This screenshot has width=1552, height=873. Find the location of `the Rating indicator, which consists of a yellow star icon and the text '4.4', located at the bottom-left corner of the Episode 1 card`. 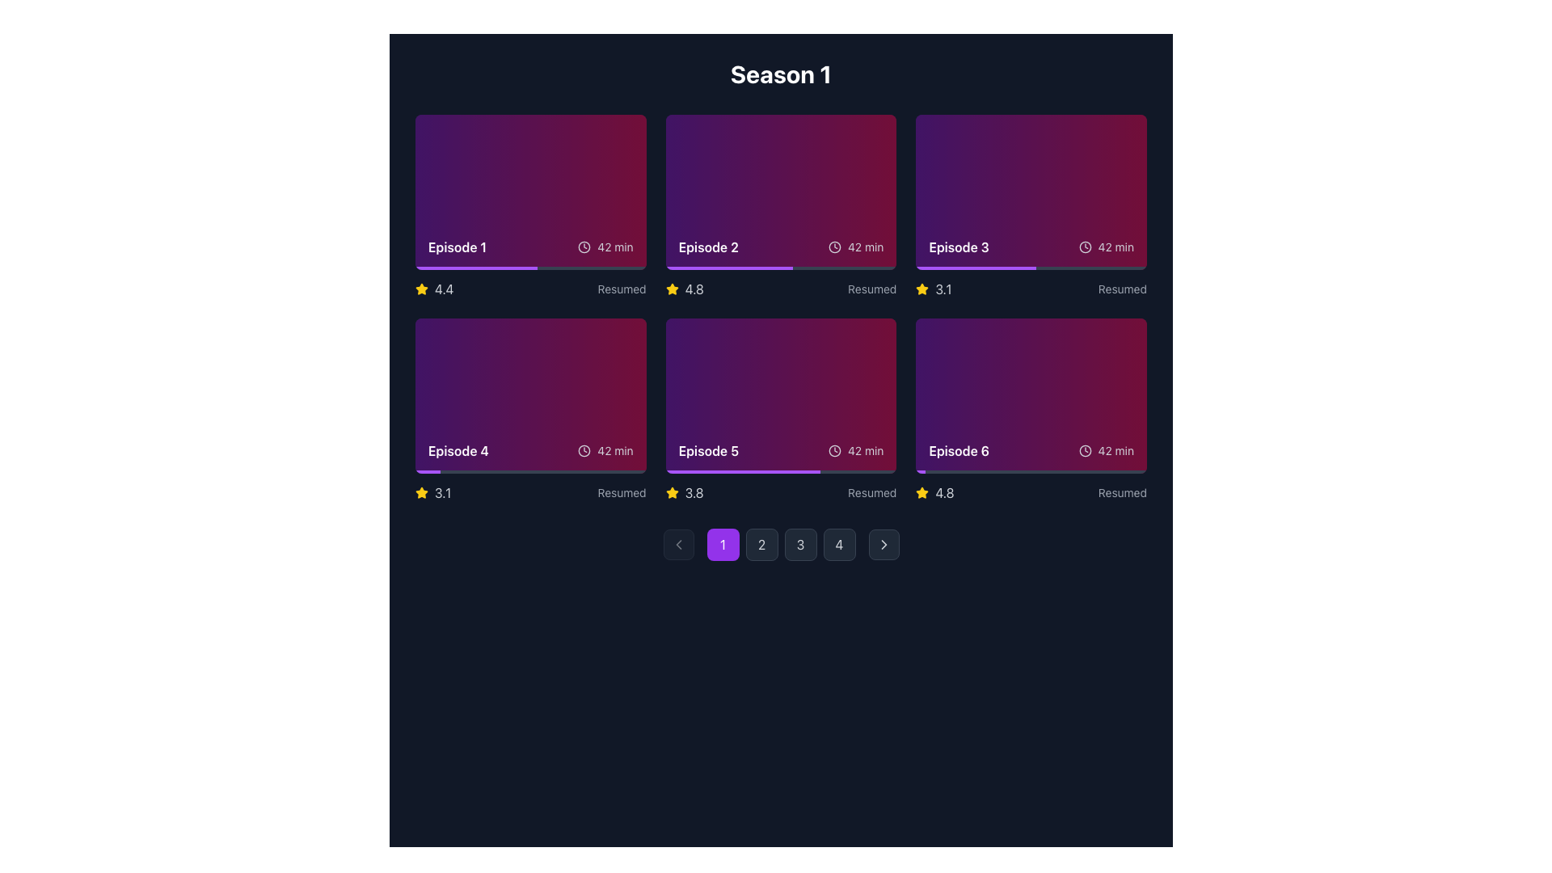

the Rating indicator, which consists of a yellow star icon and the text '4.4', located at the bottom-left corner of the Episode 1 card is located at coordinates (434, 289).